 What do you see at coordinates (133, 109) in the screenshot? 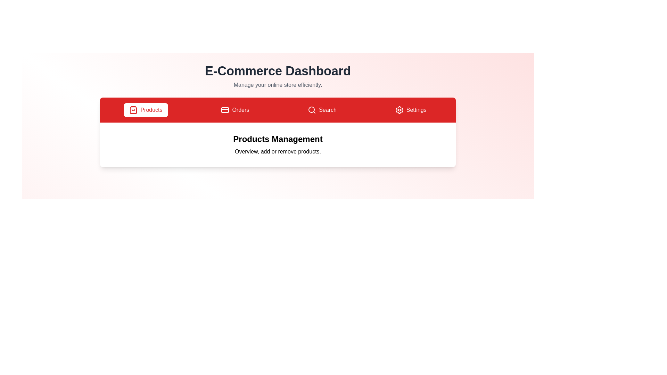
I see `the shopping bag icon located on the left side of the 'Products' button in the red bar below the 'E-Commerce Dashboard' header` at bounding box center [133, 109].